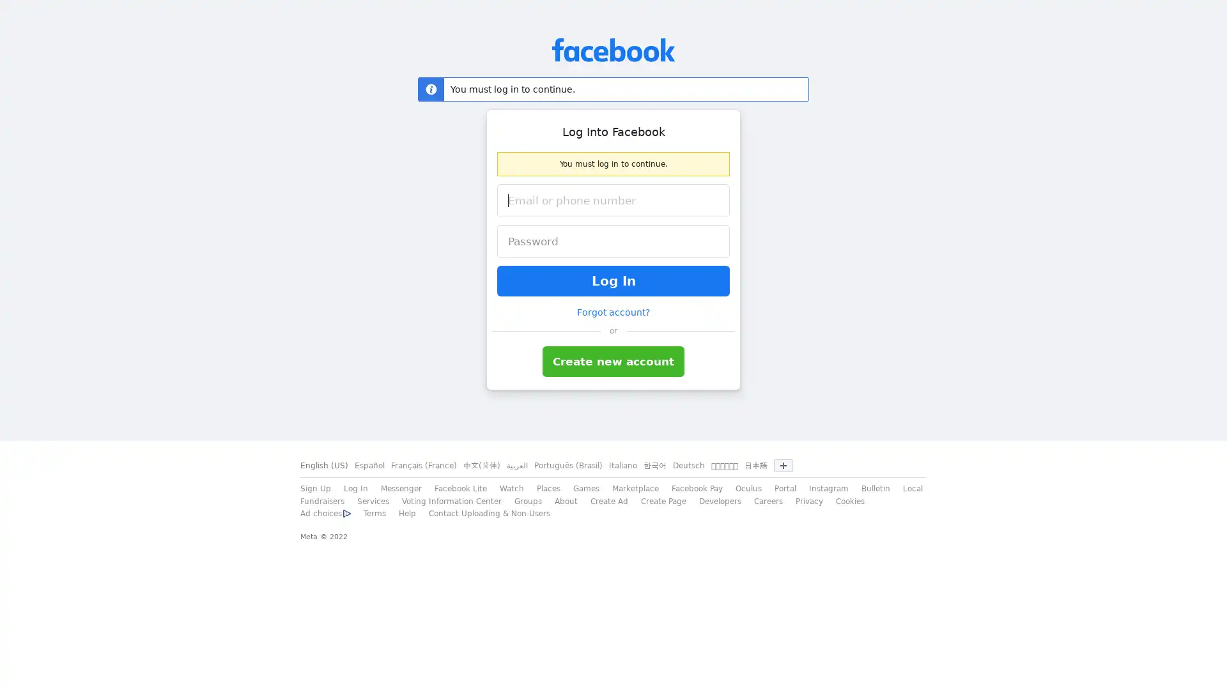 The width and height of the screenshot is (1227, 690). What do you see at coordinates (782, 466) in the screenshot?
I see `Show more languages` at bounding box center [782, 466].